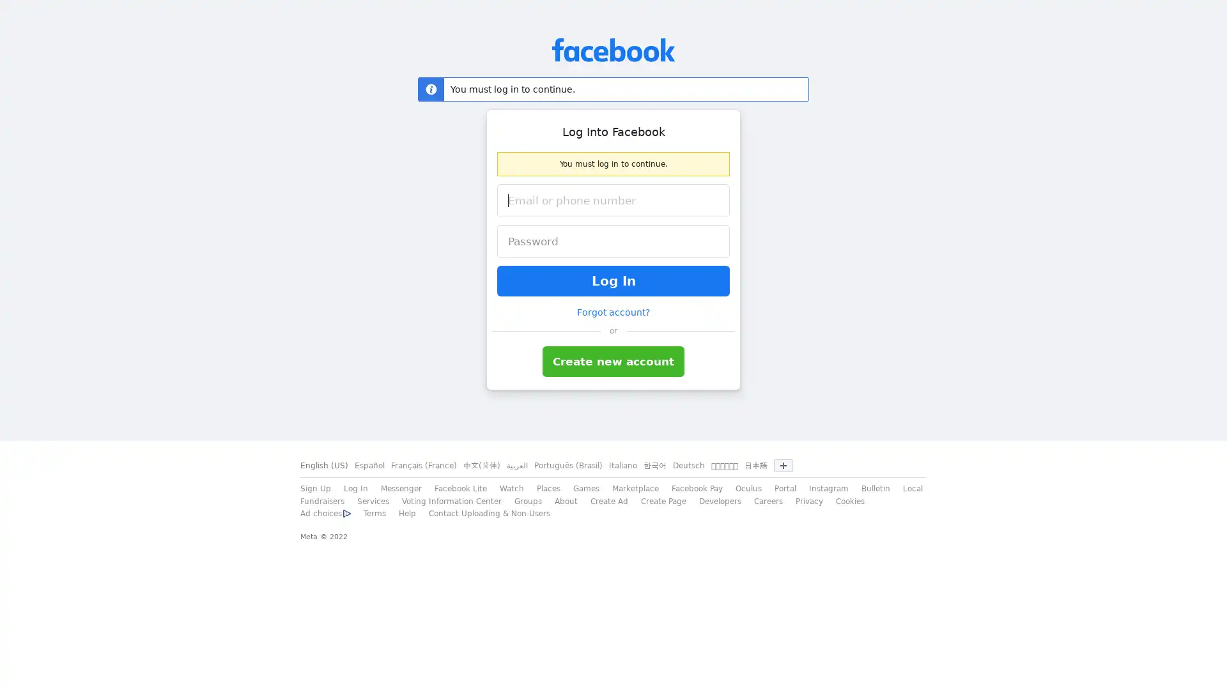 The width and height of the screenshot is (1227, 690). What do you see at coordinates (782, 466) in the screenshot?
I see `Show more languages` at bounding box center [782, 466].